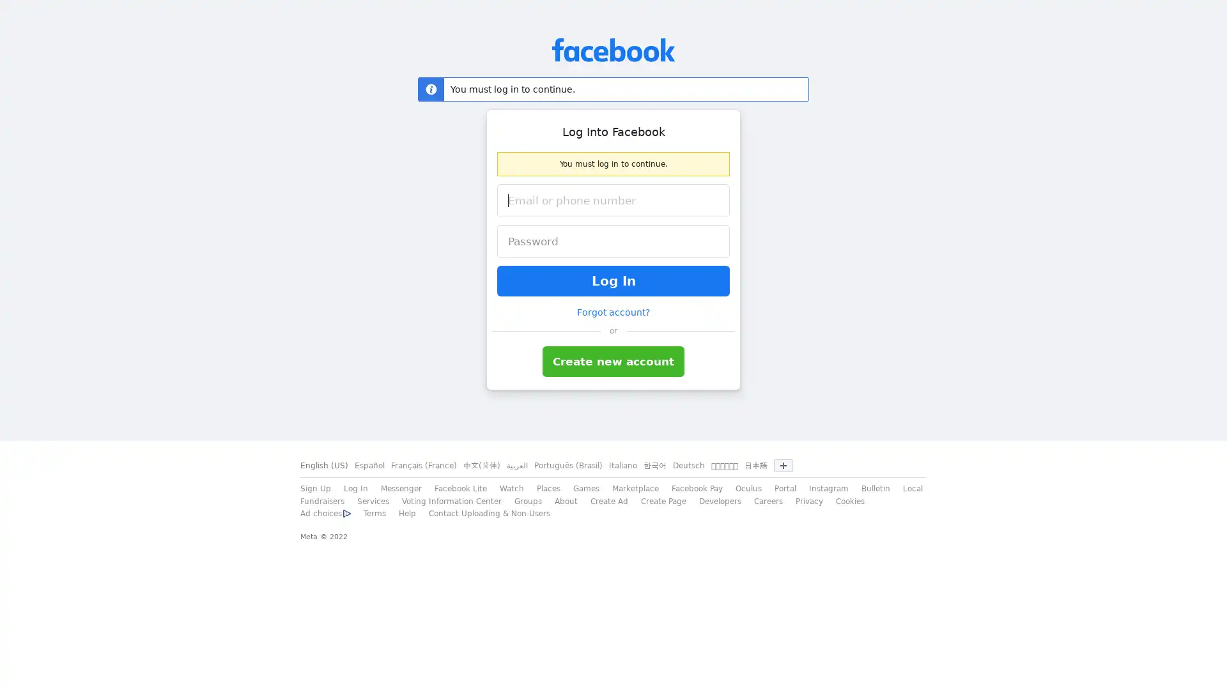 The width and height of the screenshot is (1227, 690). What do you see at coordinates (782, 466) in the screenshot?
I see `Show more languages` at bounding box center [782, 466].